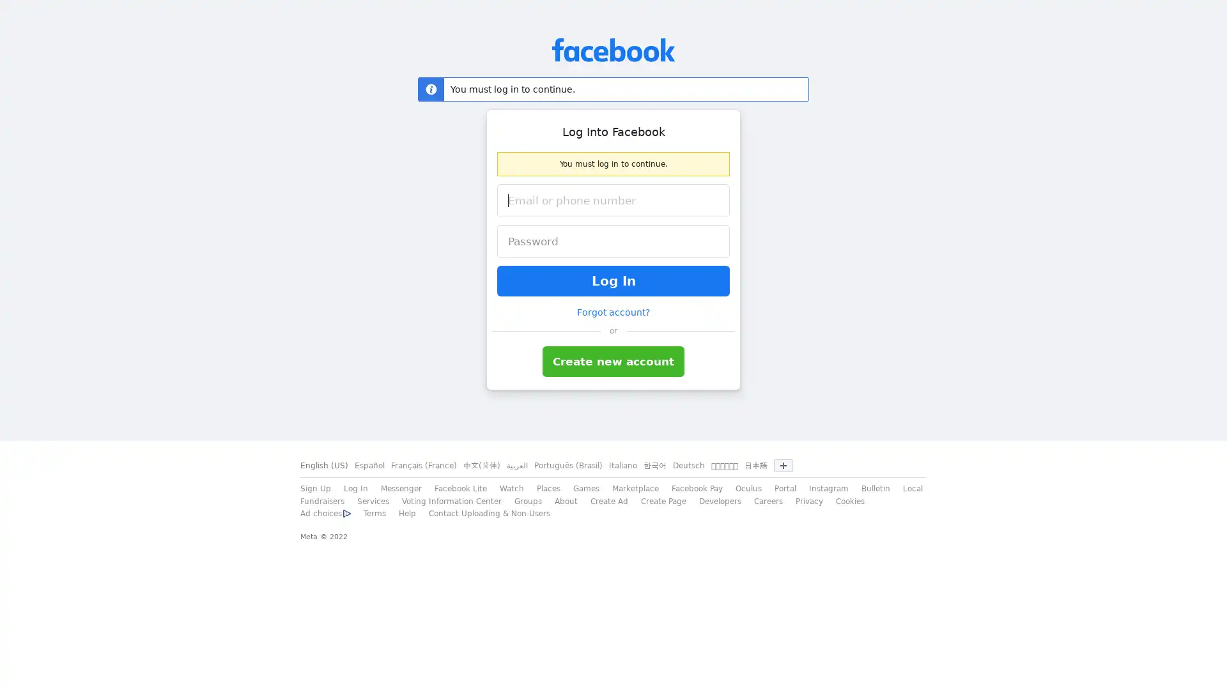 The width and height of the screenshot is (1227, 690). What do you see at coordinates (782, 466) in the screenshot?
I see `Show more languages` at bounding box center [782, 466].